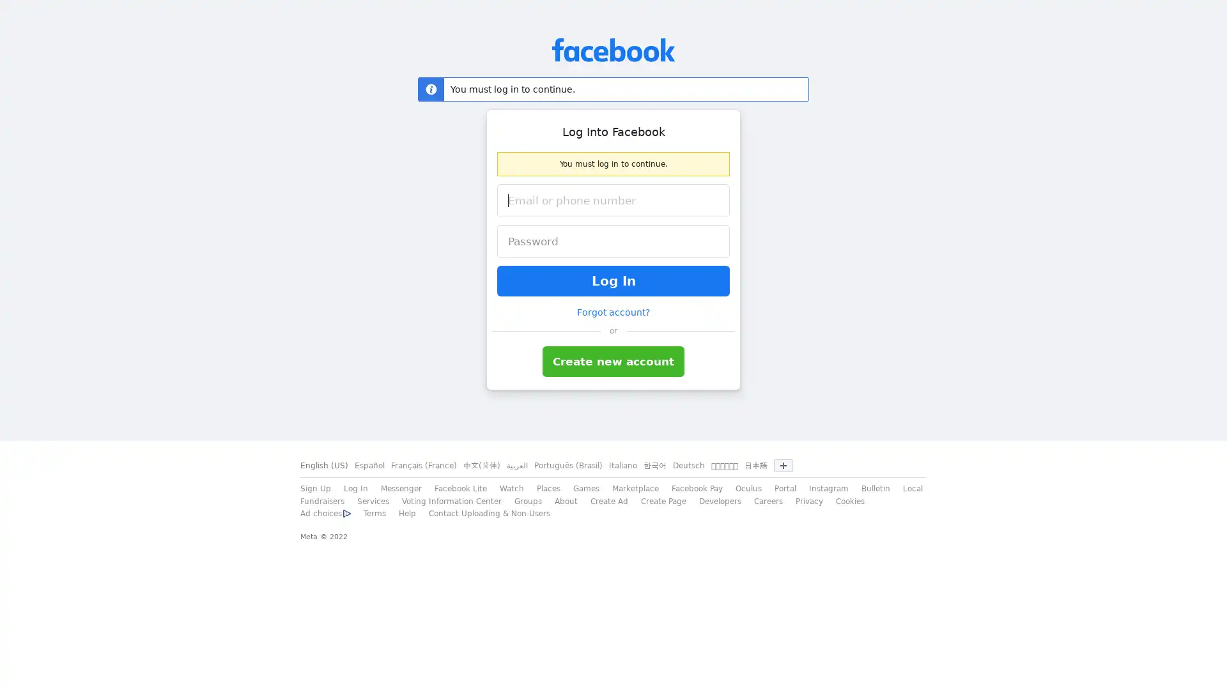 The width and height of the screenshot is (1227, 690). What do you see at coordinates (782, 466) in the screenshot?
I see `Show more languages` at bounding box center [782, 466].